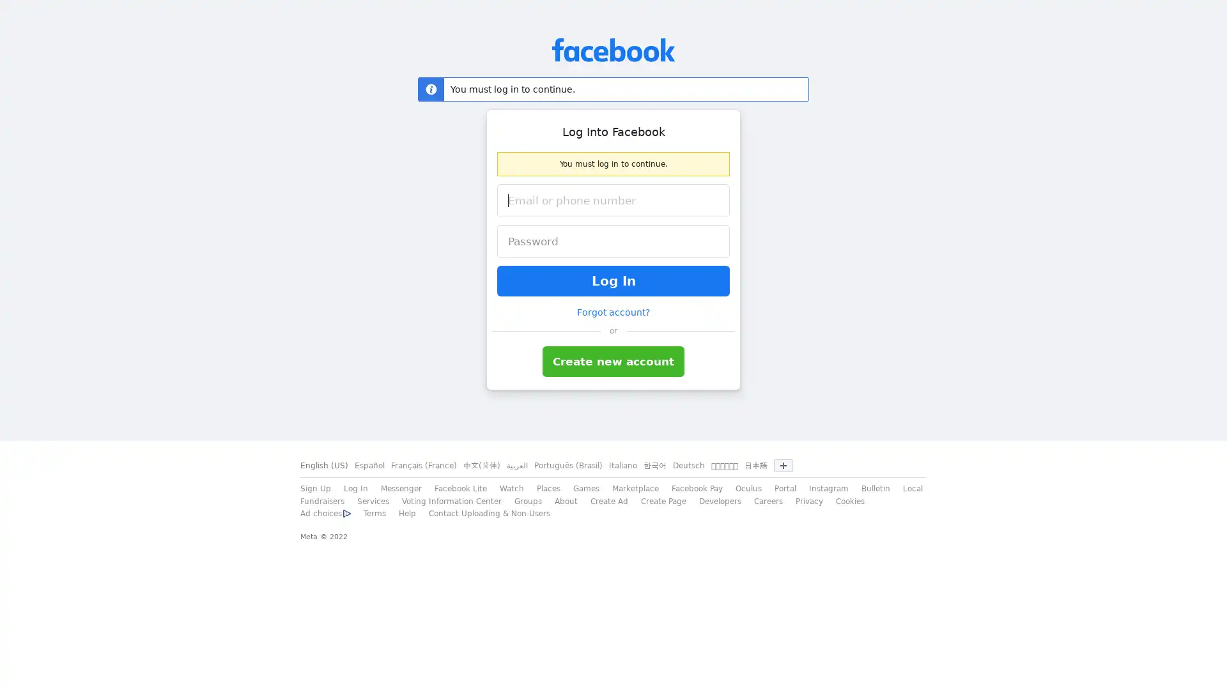 The width and height of the screenshot is (1227, 690). What do you see at coordinates (782, 466) in the screenshot?
I see `Show more languages` at bounding box center [782, 466].